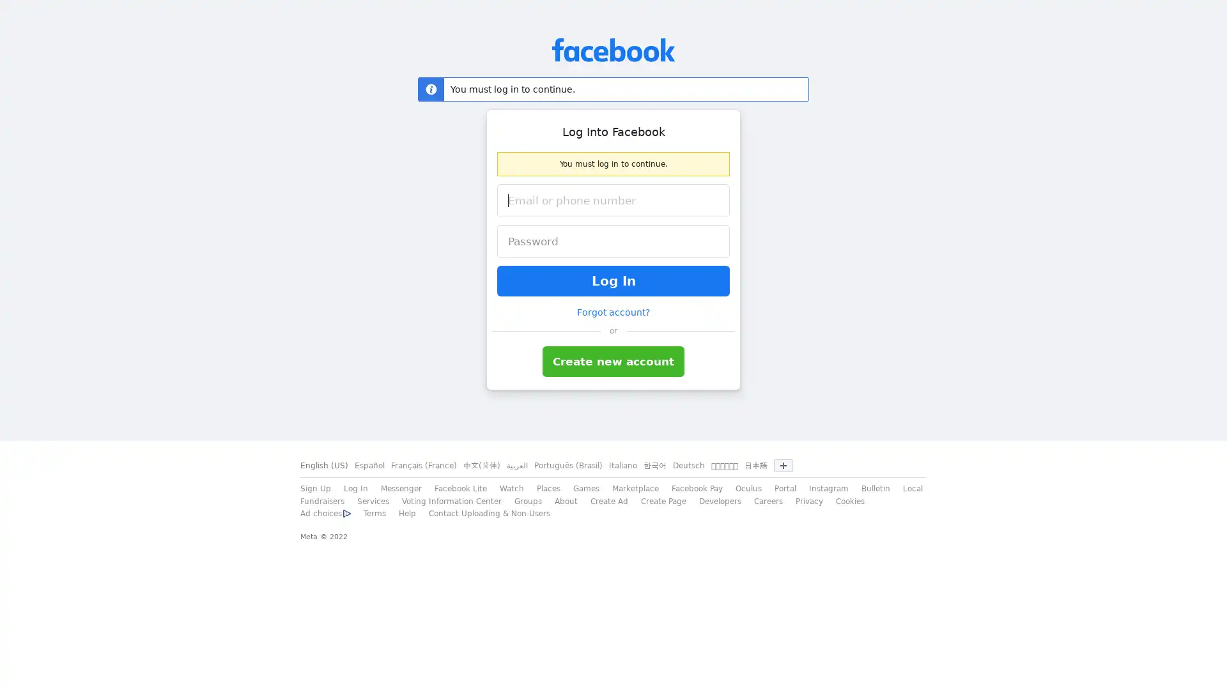 The width and height of the screenshot is (1227, 690). What do you see at coordinates (782, 466) in the screenshot?
I see `Show more languages` at bounding box center [782, 466].